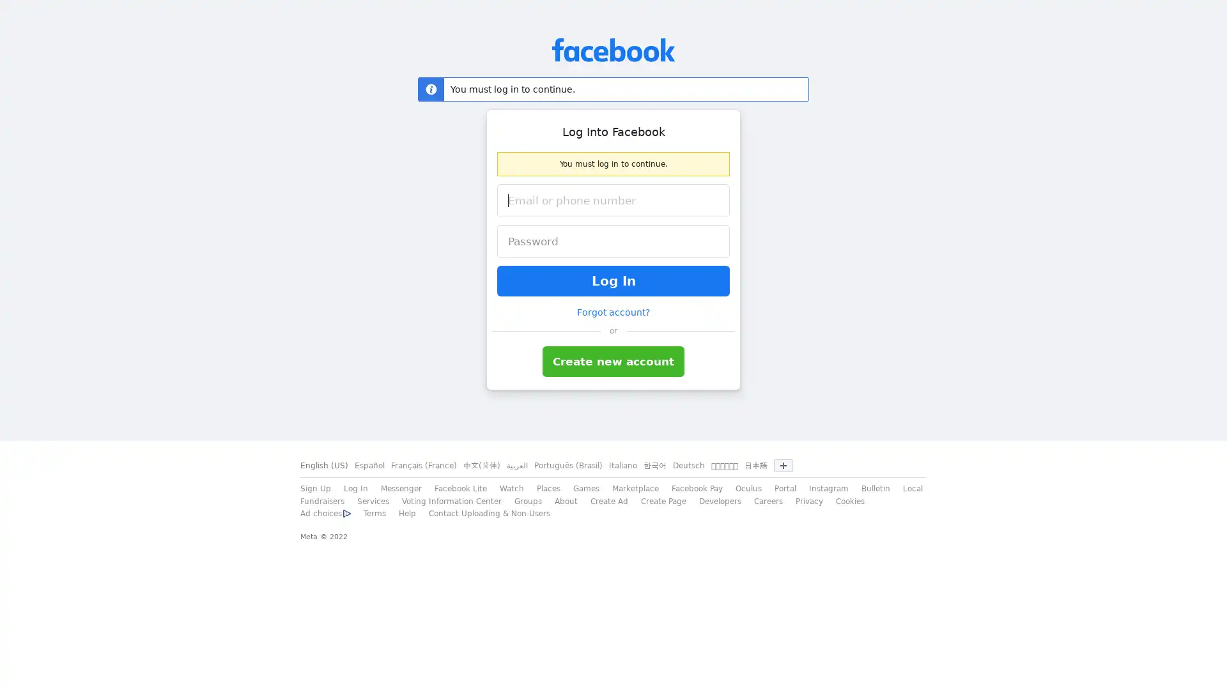 The width and height of the screenshot is (1227, 690). What do you see at coordinates (782, 466) in the screenshot?
I see `Show more languages` at bounding box center [782, 466].